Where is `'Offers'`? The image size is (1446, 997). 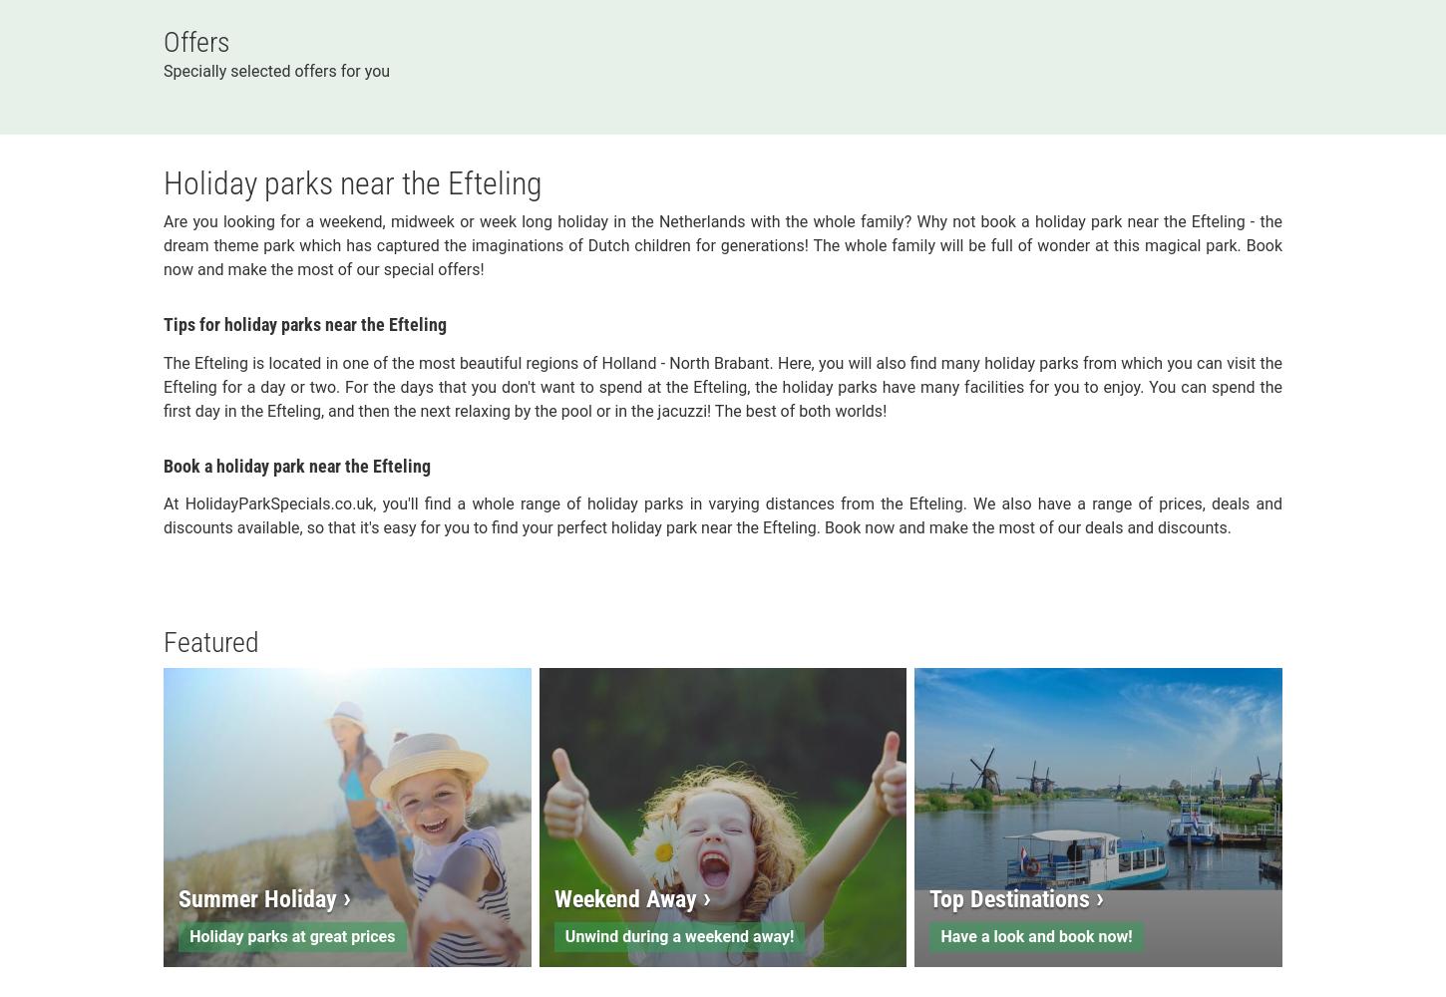
'Offers' is located at coordinates (195, 42).